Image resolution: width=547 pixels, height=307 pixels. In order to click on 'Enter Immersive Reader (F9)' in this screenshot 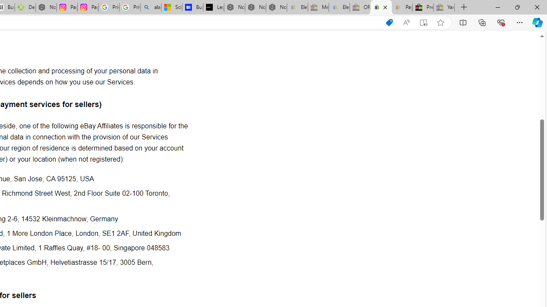, I will do `click(423, 22)`.